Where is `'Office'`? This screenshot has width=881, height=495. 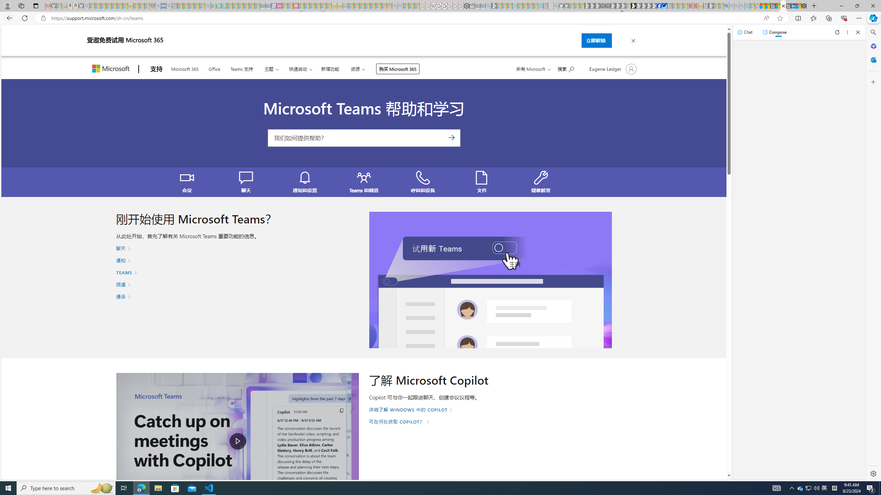 'Office' is located at coordinates (214, 68).